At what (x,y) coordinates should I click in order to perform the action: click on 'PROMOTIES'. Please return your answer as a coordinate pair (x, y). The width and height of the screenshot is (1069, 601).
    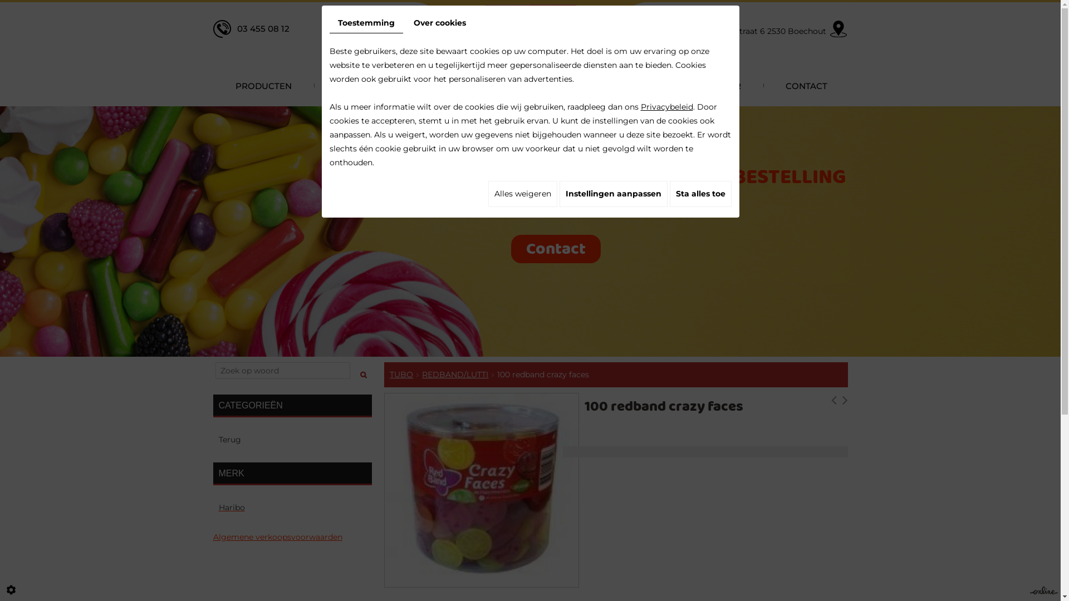
    Looking at the image, I should click on (502, 85).